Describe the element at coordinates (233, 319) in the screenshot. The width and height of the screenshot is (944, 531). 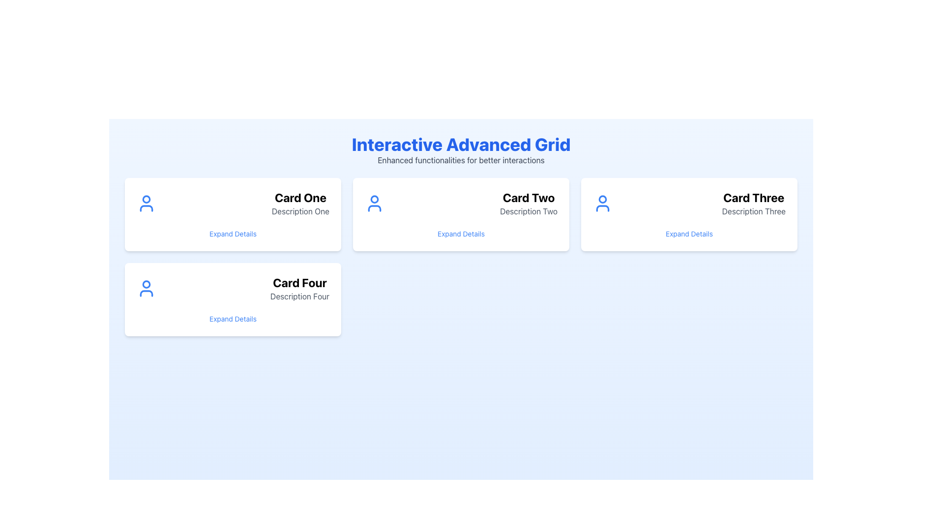
I see `the navigational link at the bottom of the fourth card in the grid layout to underline it` at that location.